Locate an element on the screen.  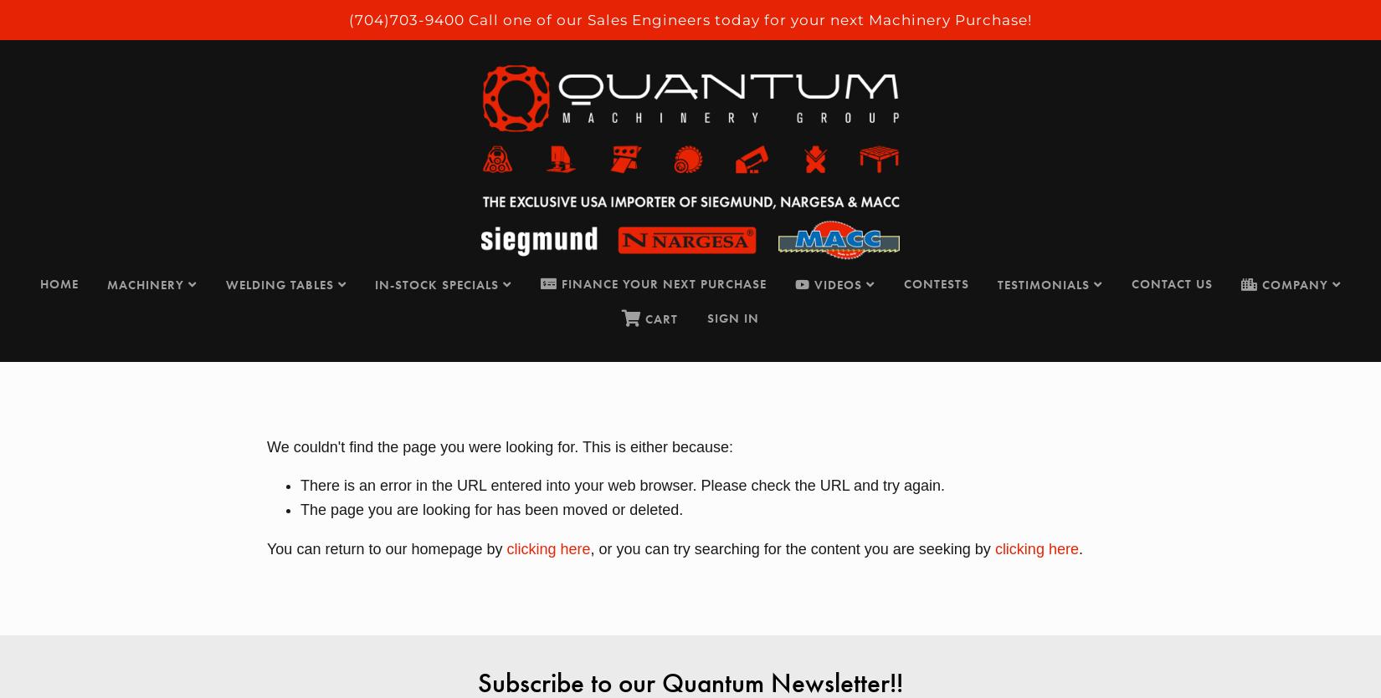
'.' is located at coordinates (1079, 547).